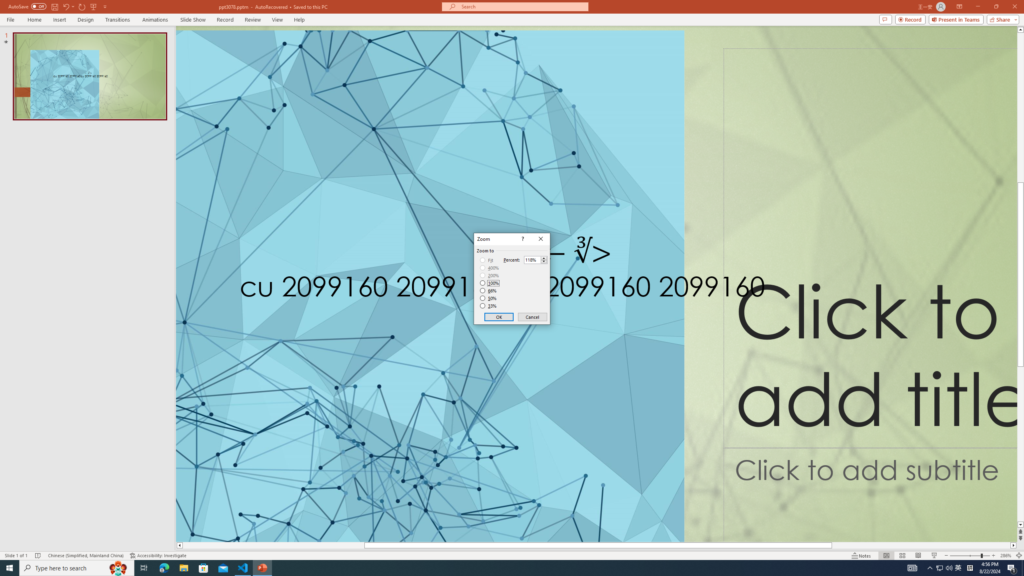 This screenshot has height=576, width=1024. I want to click on '400%', so click(489, 268).